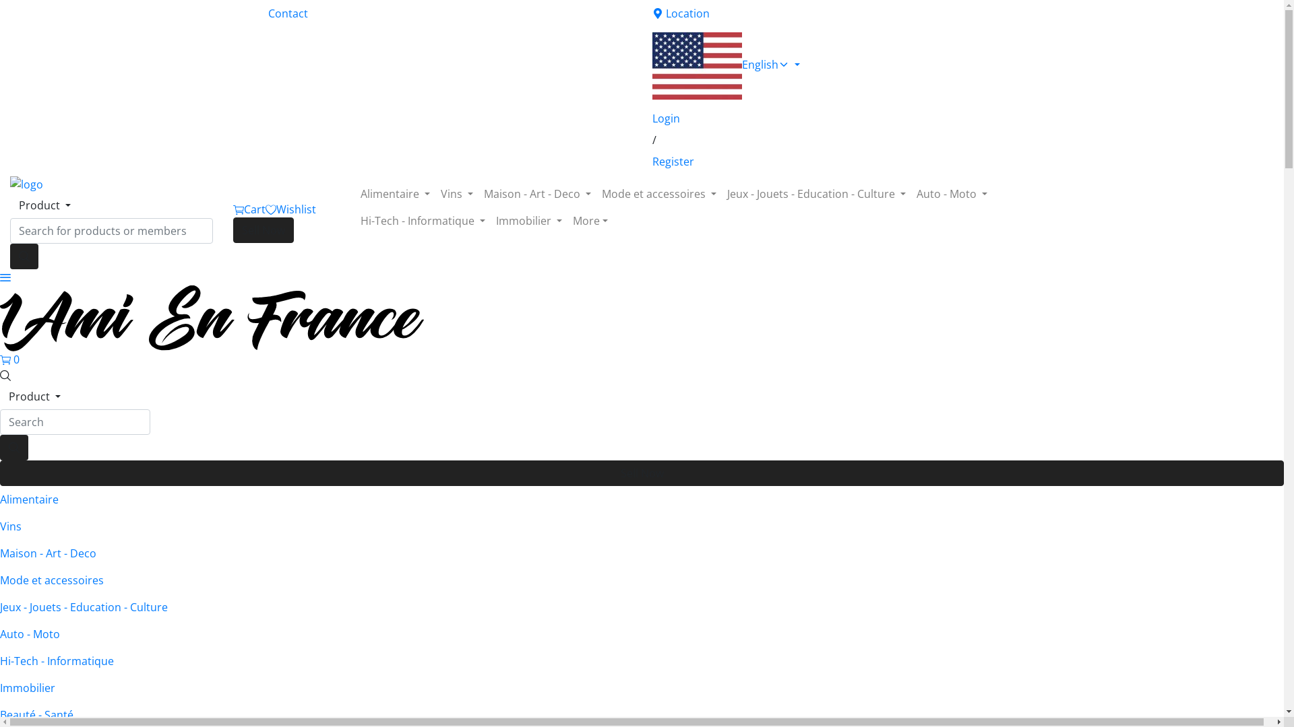  Describe the element at coordinates (34, 396) in the screenshot. I see `'Product'` at that location.